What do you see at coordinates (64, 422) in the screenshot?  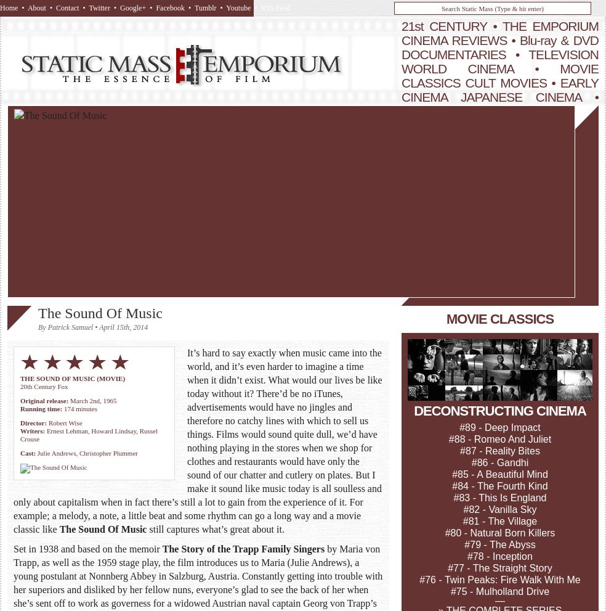 I see `'Robert Wise'` at bounding box center [64, 422].